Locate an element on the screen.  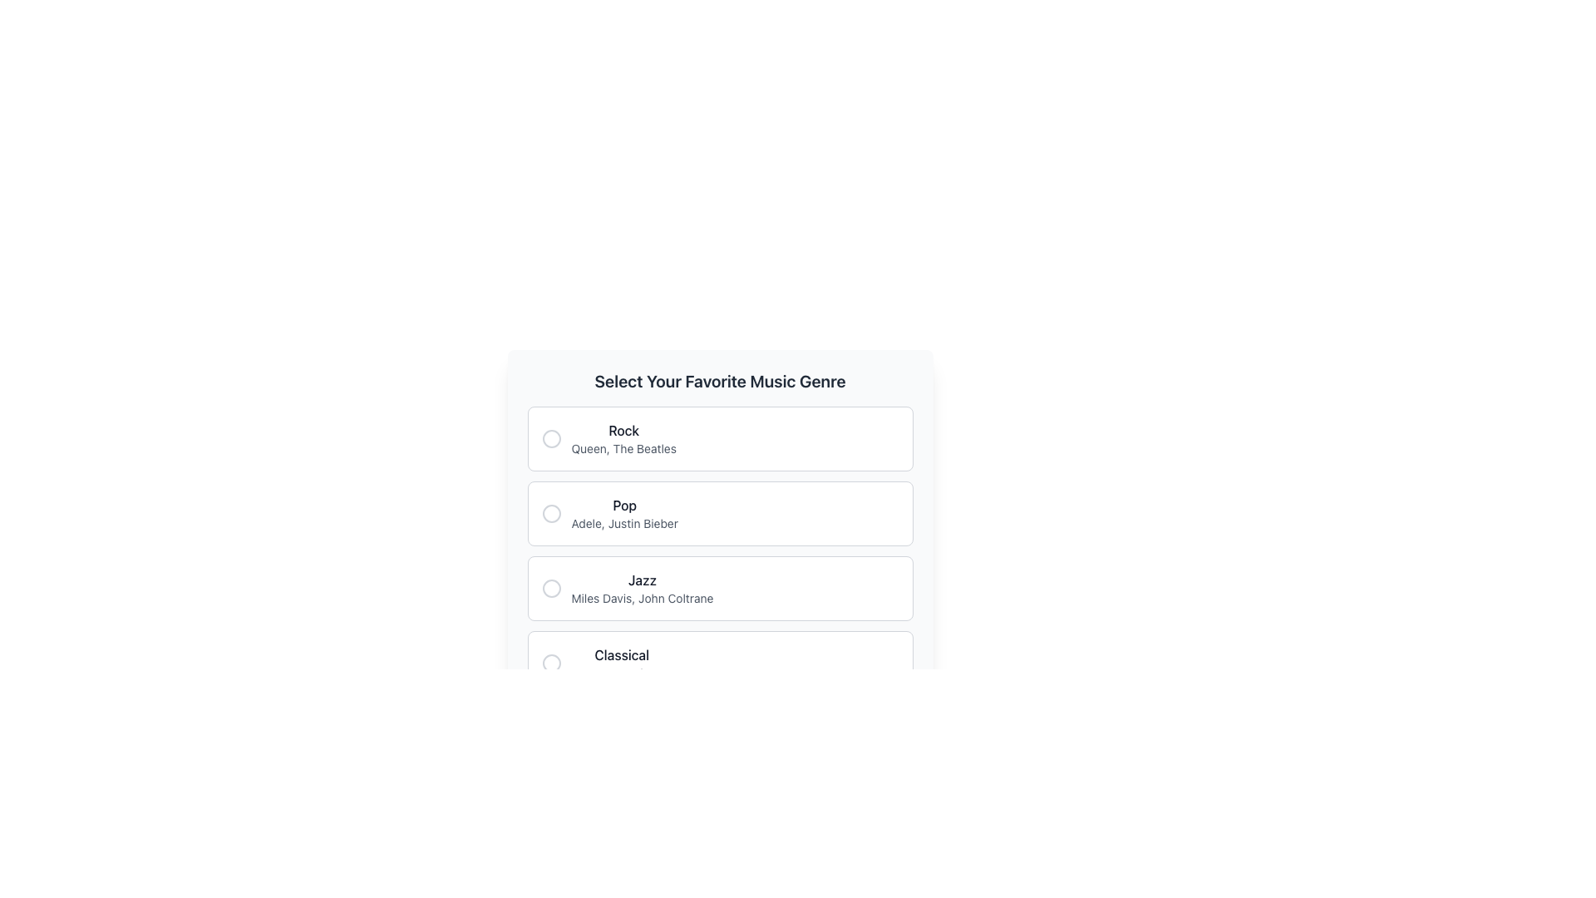
the radio button labeled 'Classical' is located at coordinates (720, 663).